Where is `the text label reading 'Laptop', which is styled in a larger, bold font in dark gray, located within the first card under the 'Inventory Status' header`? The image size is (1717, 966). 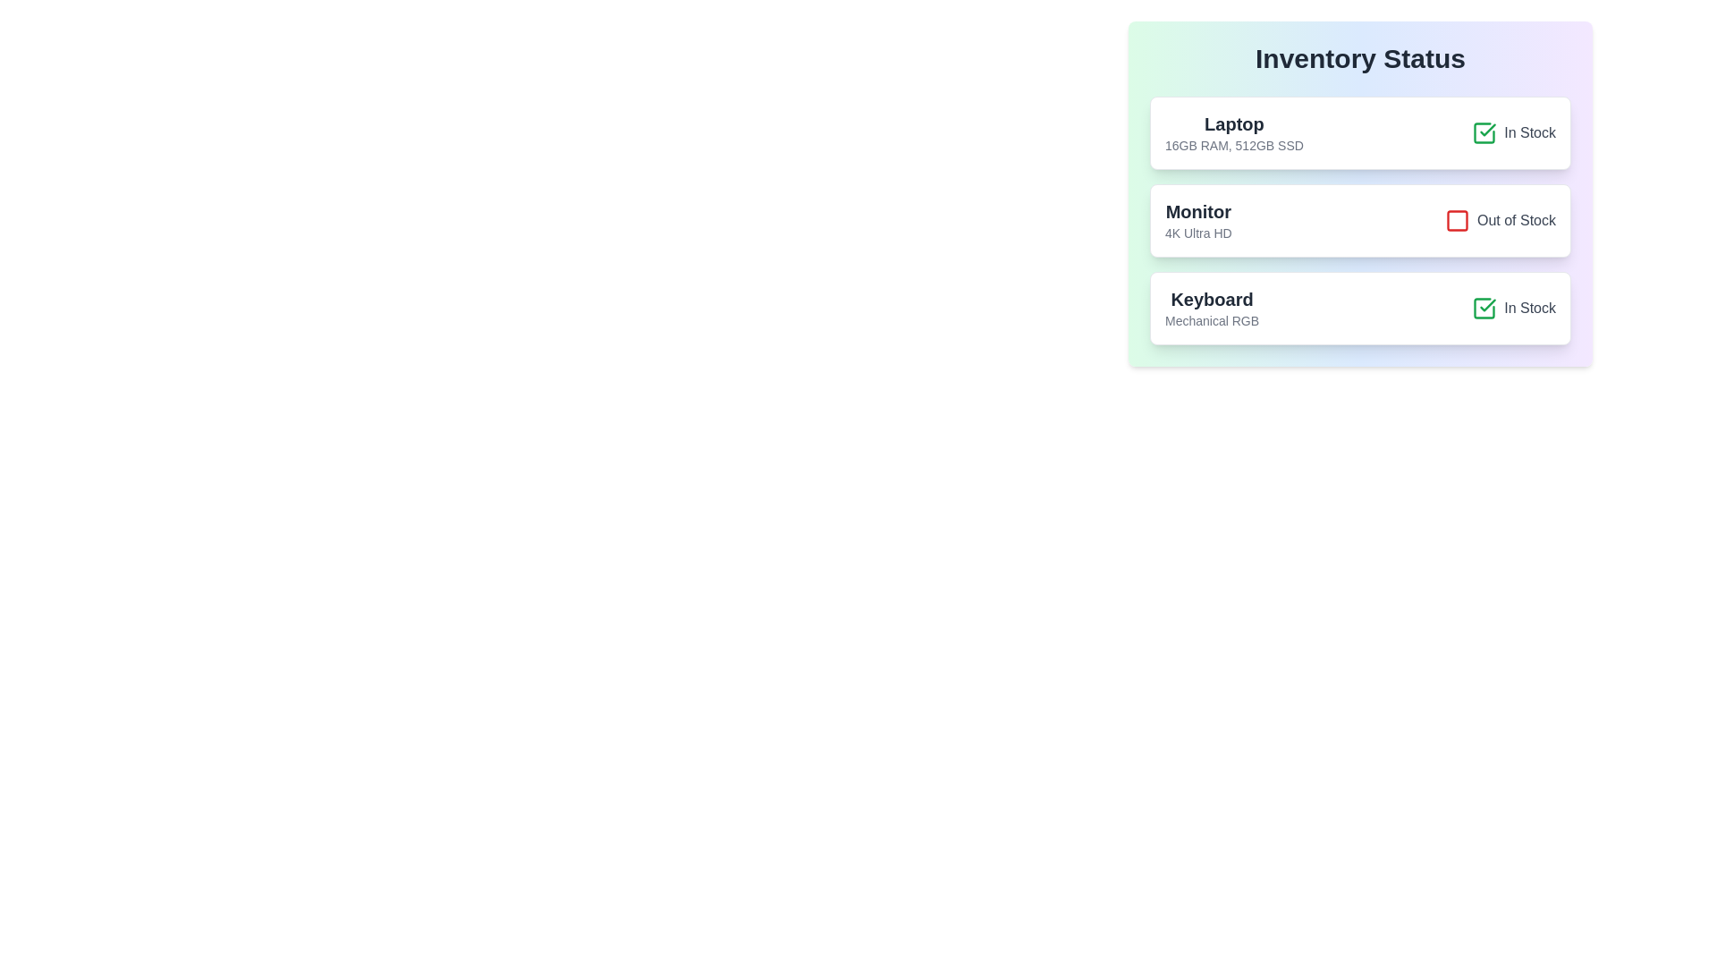 the text label reading 'Laptop', which is styled in a larger, bold font in dark gray, located within the first card under the 'Inventory Status' header is located at coordinates (1233, 123).